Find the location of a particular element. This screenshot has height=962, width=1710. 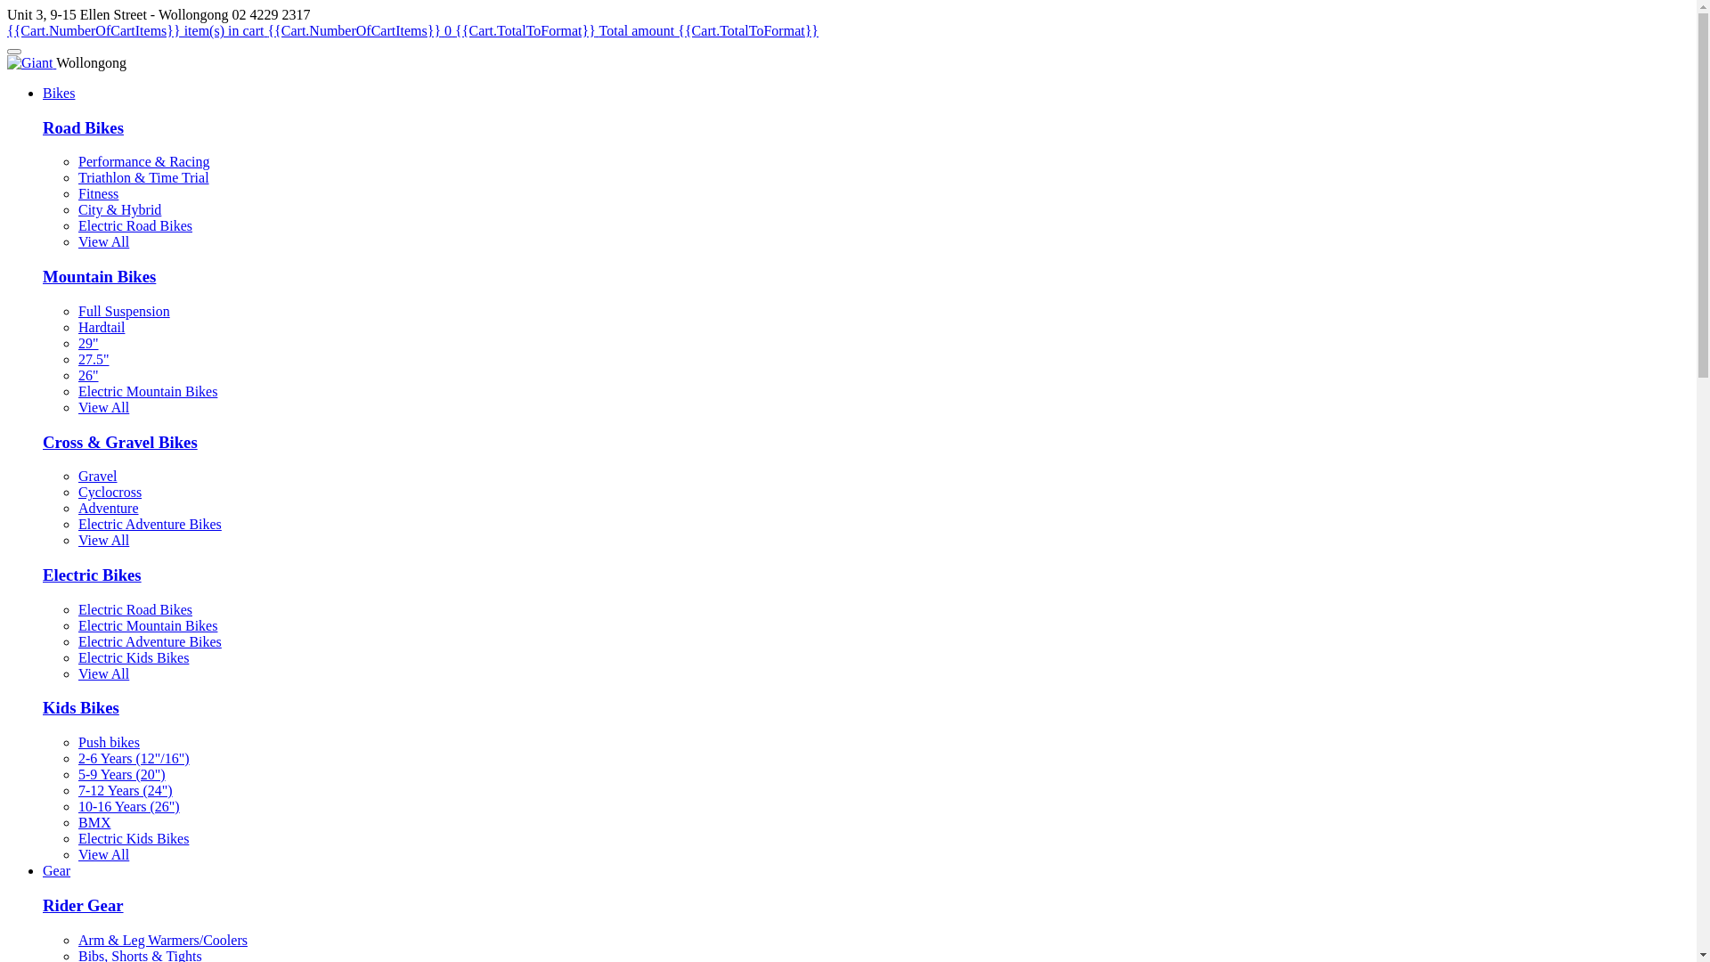

'Gravel' is located at coordinates (97, 475).